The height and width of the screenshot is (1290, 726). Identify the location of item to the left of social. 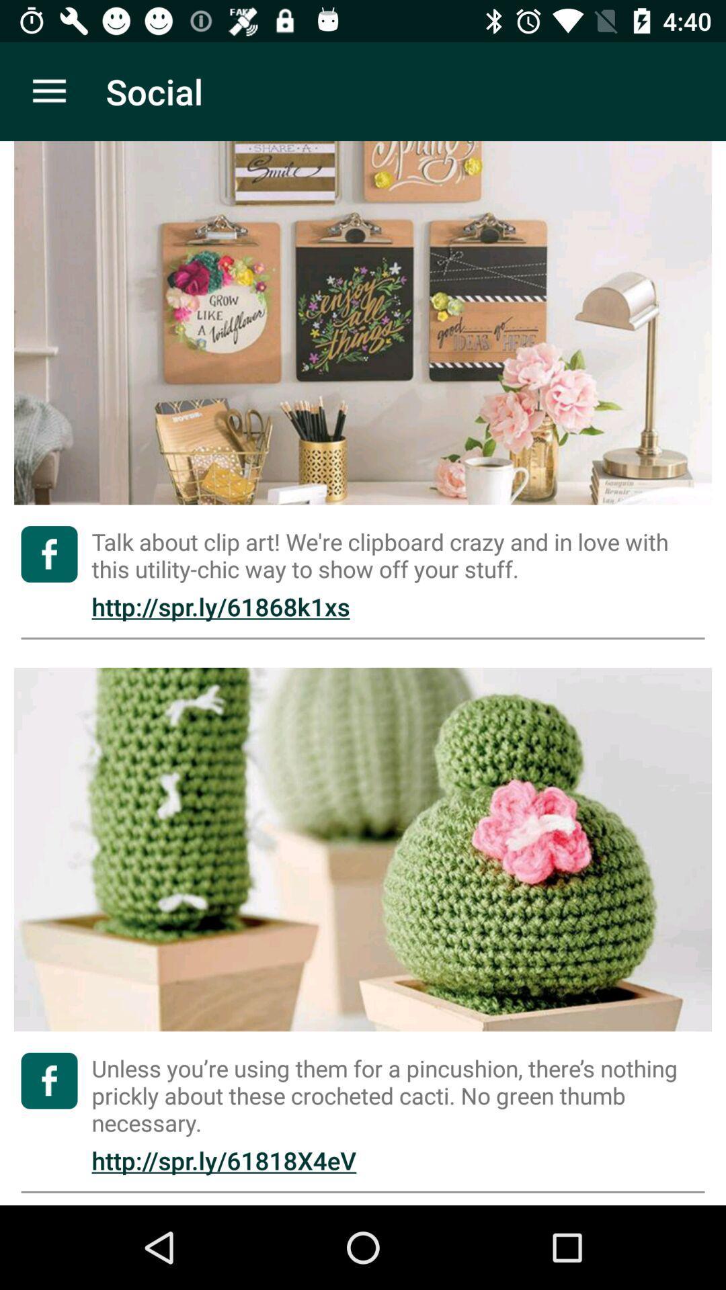
(48, 91).